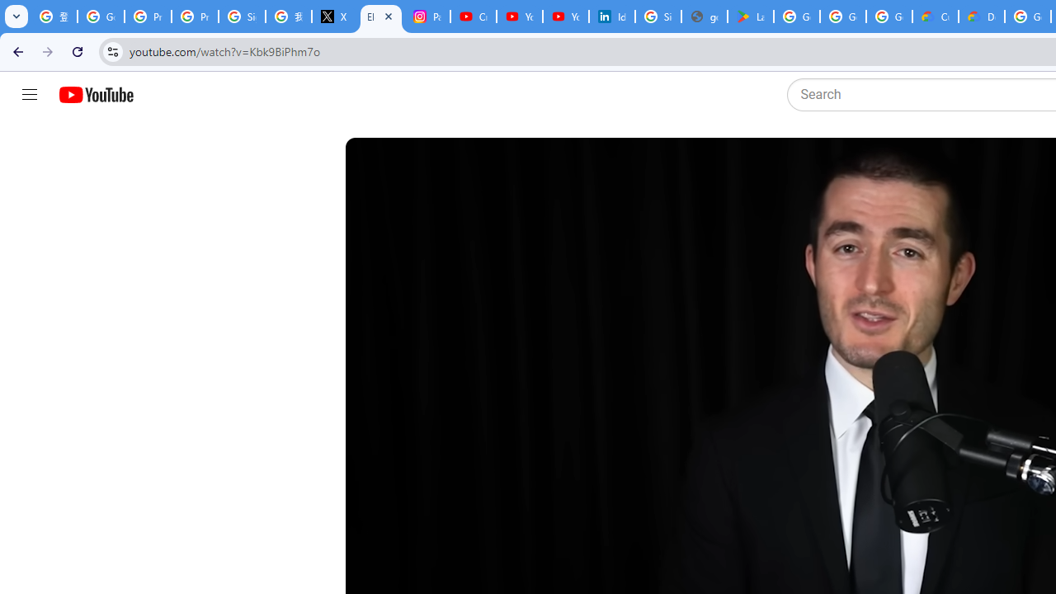  What do you see at coordinates (333, 16) in the screenshot?
I see `'X'` at bounding box center [333, 16].